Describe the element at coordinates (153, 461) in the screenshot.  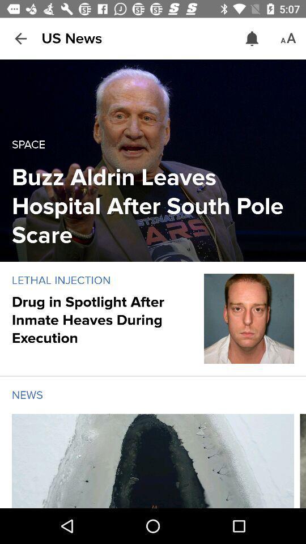
I see `open news` at that location.